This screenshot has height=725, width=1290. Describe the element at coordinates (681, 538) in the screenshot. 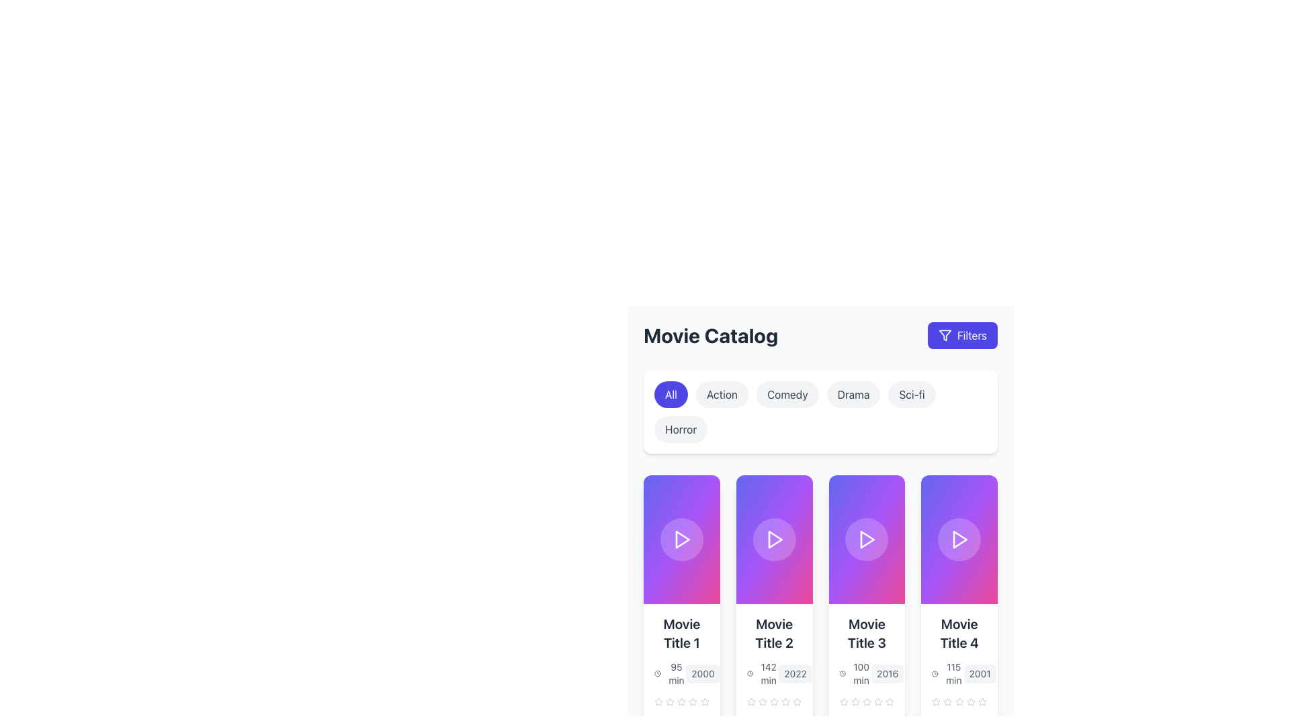

I see `the circular play button in the center of the gradient-styled rectangular banner for 'Movie Title 1'` at that location.